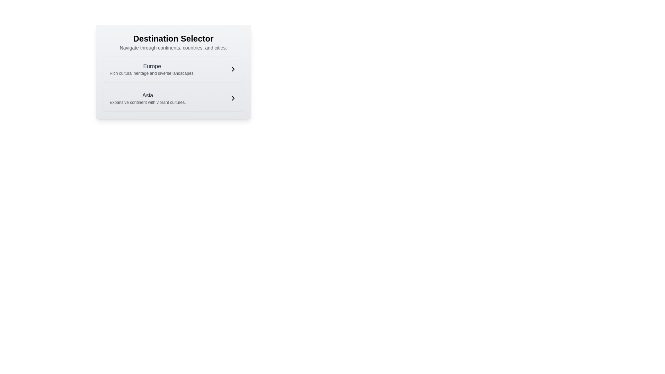 This screenshot has height=374, width=665. Describe the element at coordinates (152, 69) in the screenshot. I see `the first selectable list item labeled 'Europe' under the 'Destination Selector'` at that location.